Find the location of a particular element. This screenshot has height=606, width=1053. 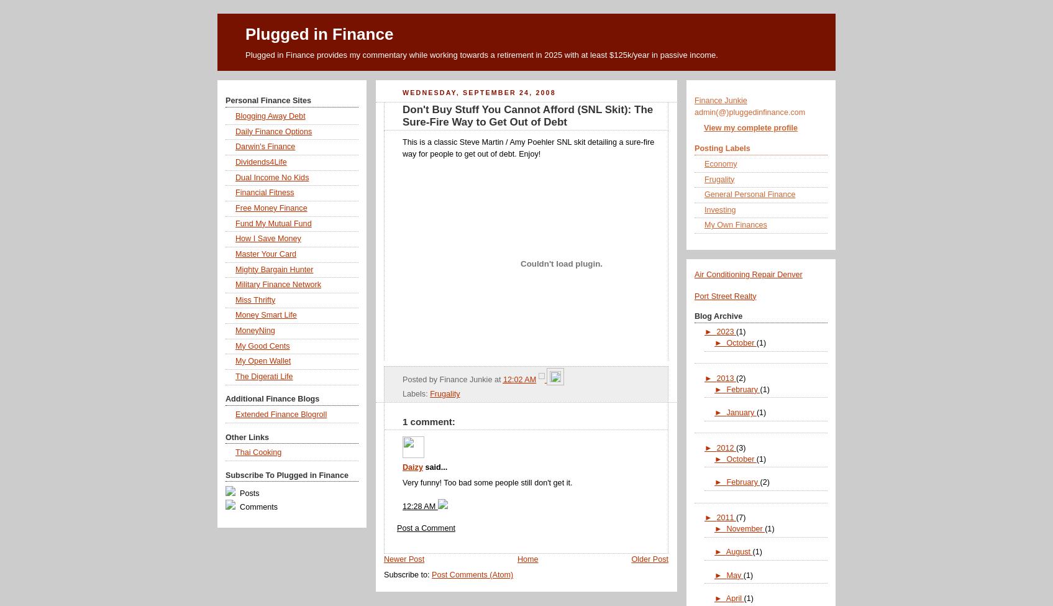

'Personal Finance Sites' is located at coordinates (268, 100).